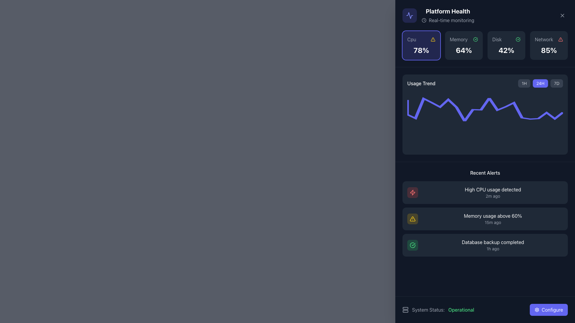 Image resolution: width=575 pixels, height=323 pixels. What do you see at coordinates (458, 39) in the screenshot?
I see `the 'Memory' label, which is a light gray text label located under the 'Platform Health' heading, in the second segment of the usage indicators` at bounding box center [458, 39].